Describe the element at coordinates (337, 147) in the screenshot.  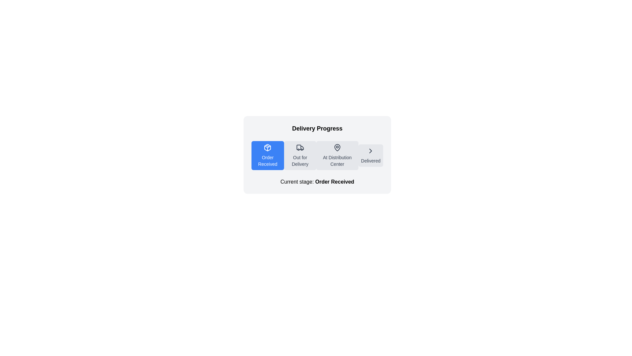
I see `the map pin icon located within the 'At Distribution Center' button area in the progress bar` at that location.